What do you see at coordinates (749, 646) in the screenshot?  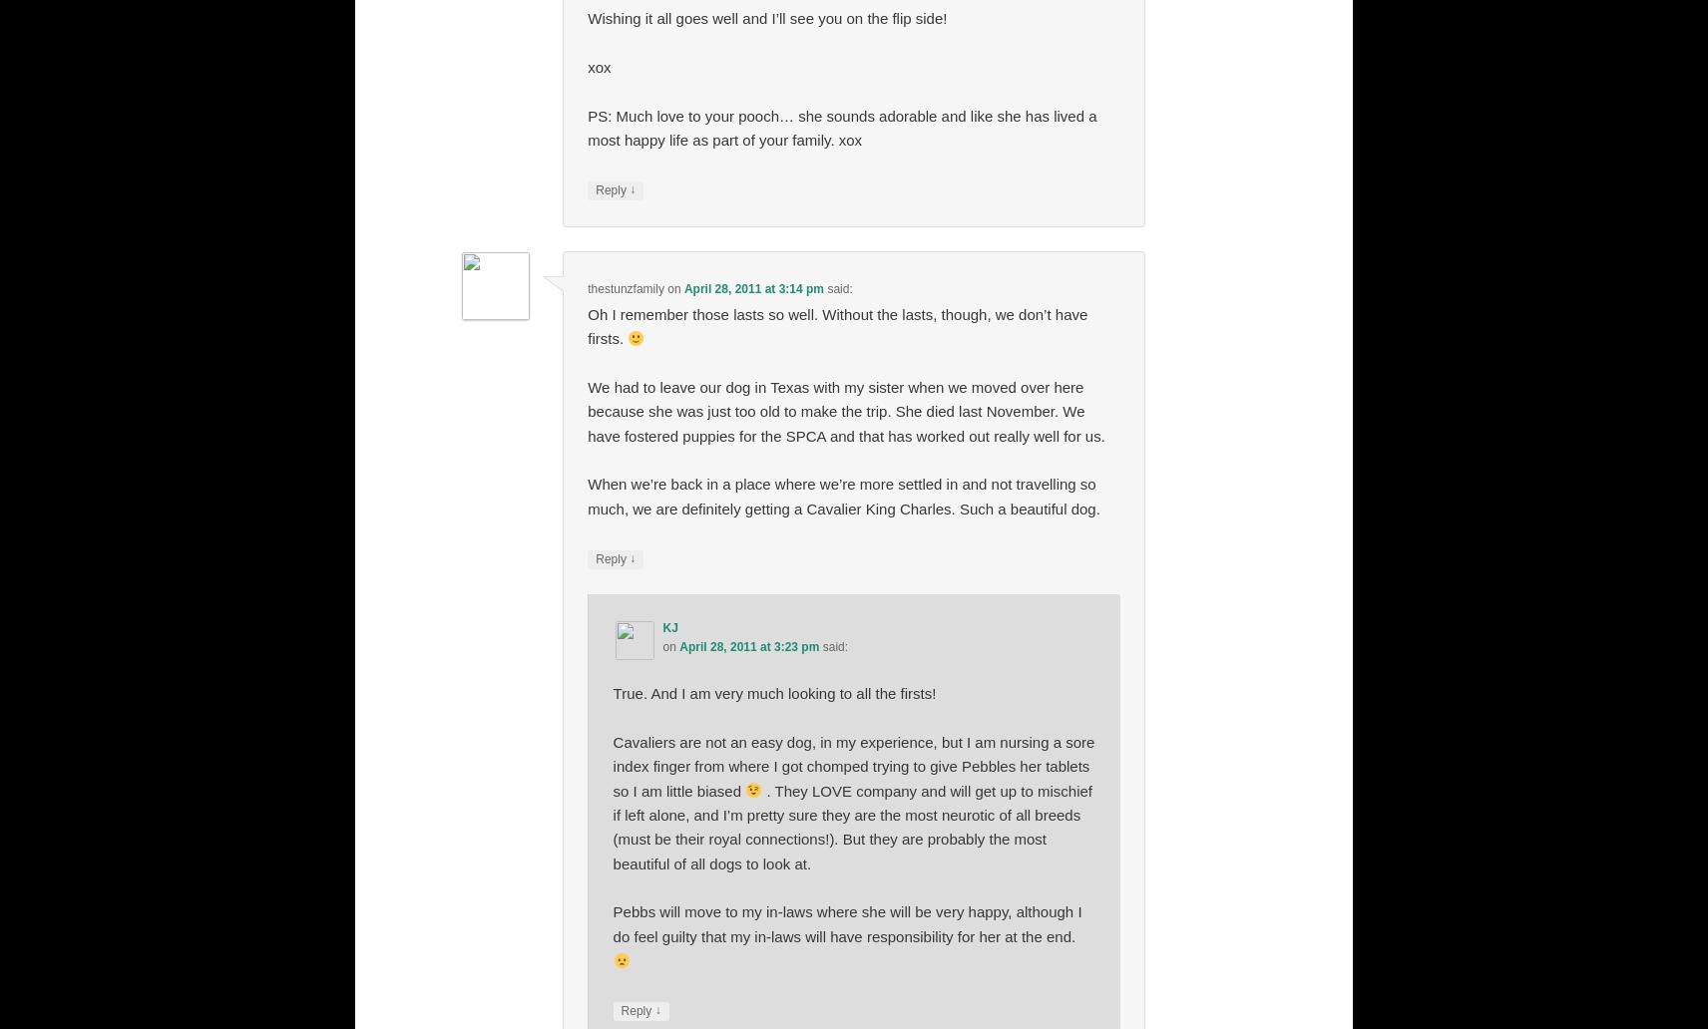 I see `'April 28, 2011 at 3:23 pm'` at bounding box center [749, 646].